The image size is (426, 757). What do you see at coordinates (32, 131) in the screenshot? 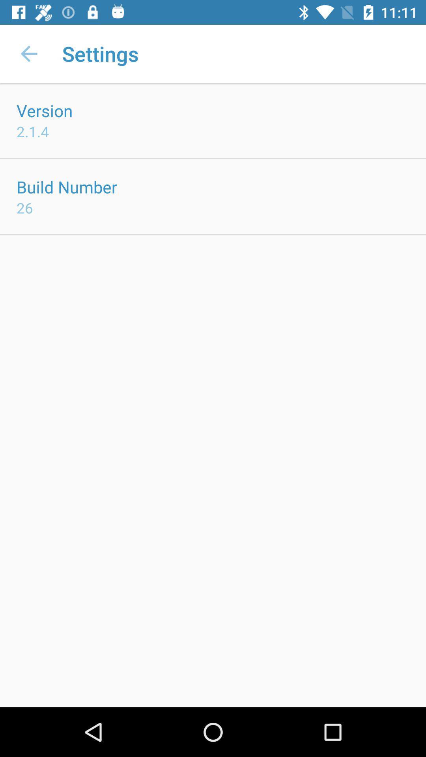
I see `the item below the version icon` at bounding box center [32, 131].